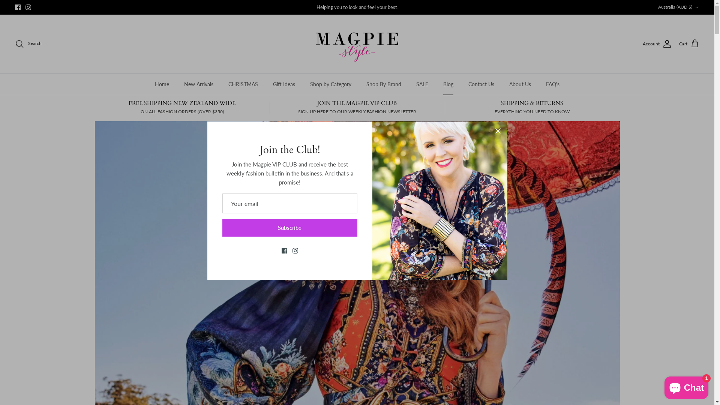 This screenshot has height=405, width=720. I want to click on 'New Arrivals', so click(198, 84).